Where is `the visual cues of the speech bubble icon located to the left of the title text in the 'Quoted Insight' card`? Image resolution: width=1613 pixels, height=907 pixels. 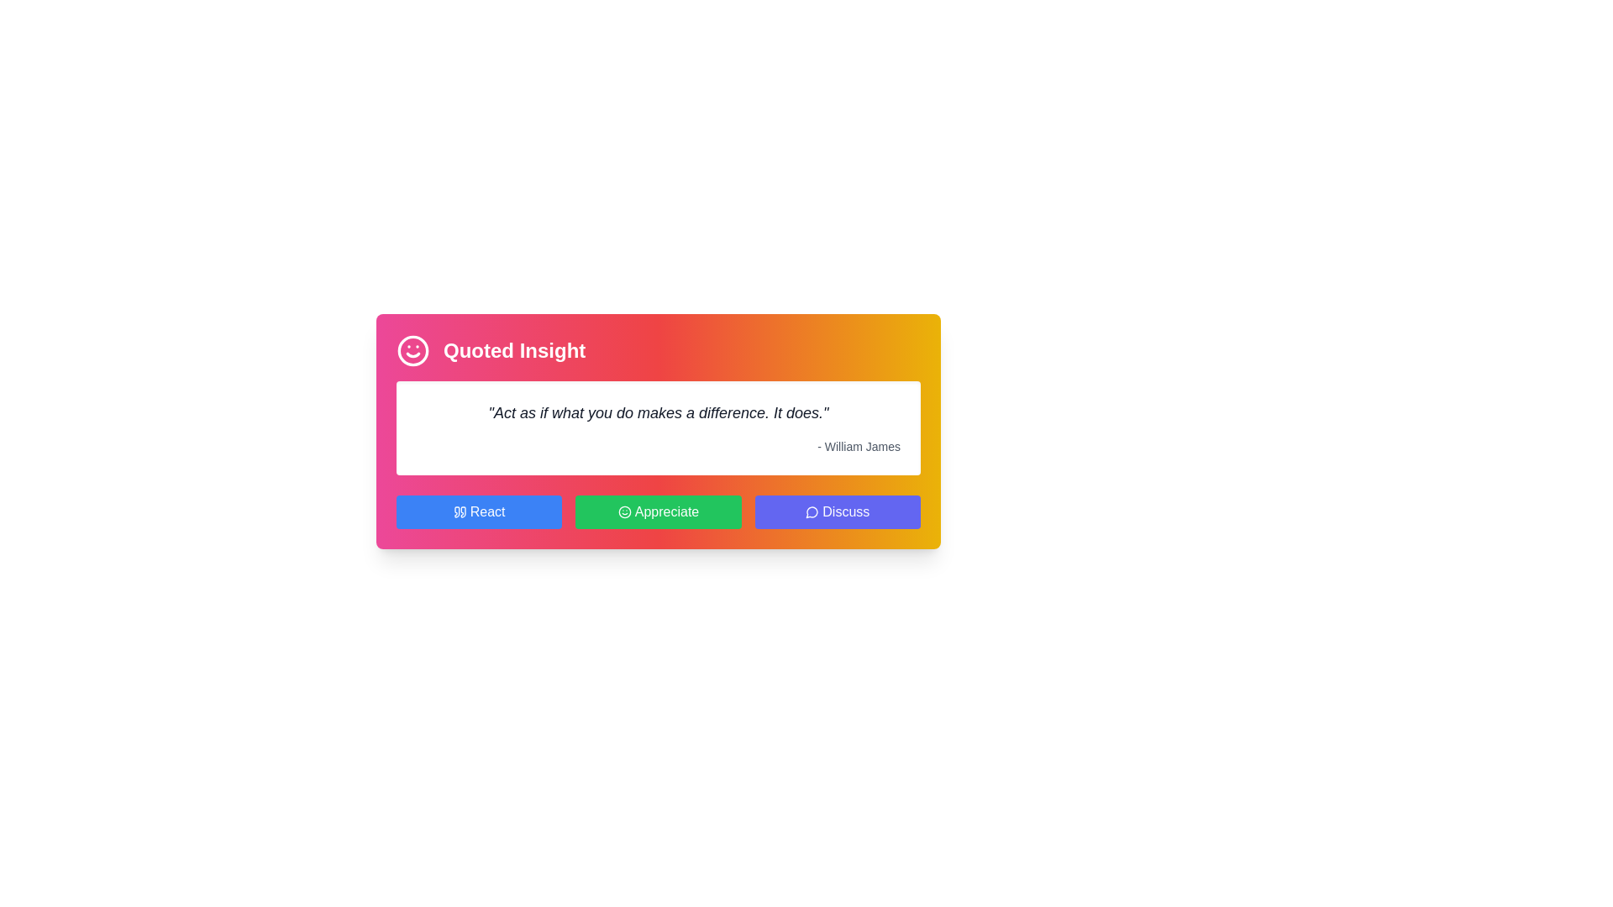 the visual cues of the speech bubble icon located to the left of the title text in the 'Quoted Insight' card is located at coordinates (812, 511).